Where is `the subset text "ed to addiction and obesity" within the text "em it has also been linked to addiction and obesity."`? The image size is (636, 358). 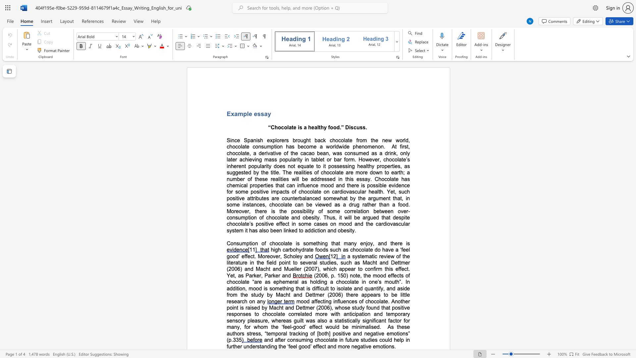
the subset text "ed to addiction and obesity" within the text "em it has also been linked to addiction and obesity." is located at coordinates (291, 230).